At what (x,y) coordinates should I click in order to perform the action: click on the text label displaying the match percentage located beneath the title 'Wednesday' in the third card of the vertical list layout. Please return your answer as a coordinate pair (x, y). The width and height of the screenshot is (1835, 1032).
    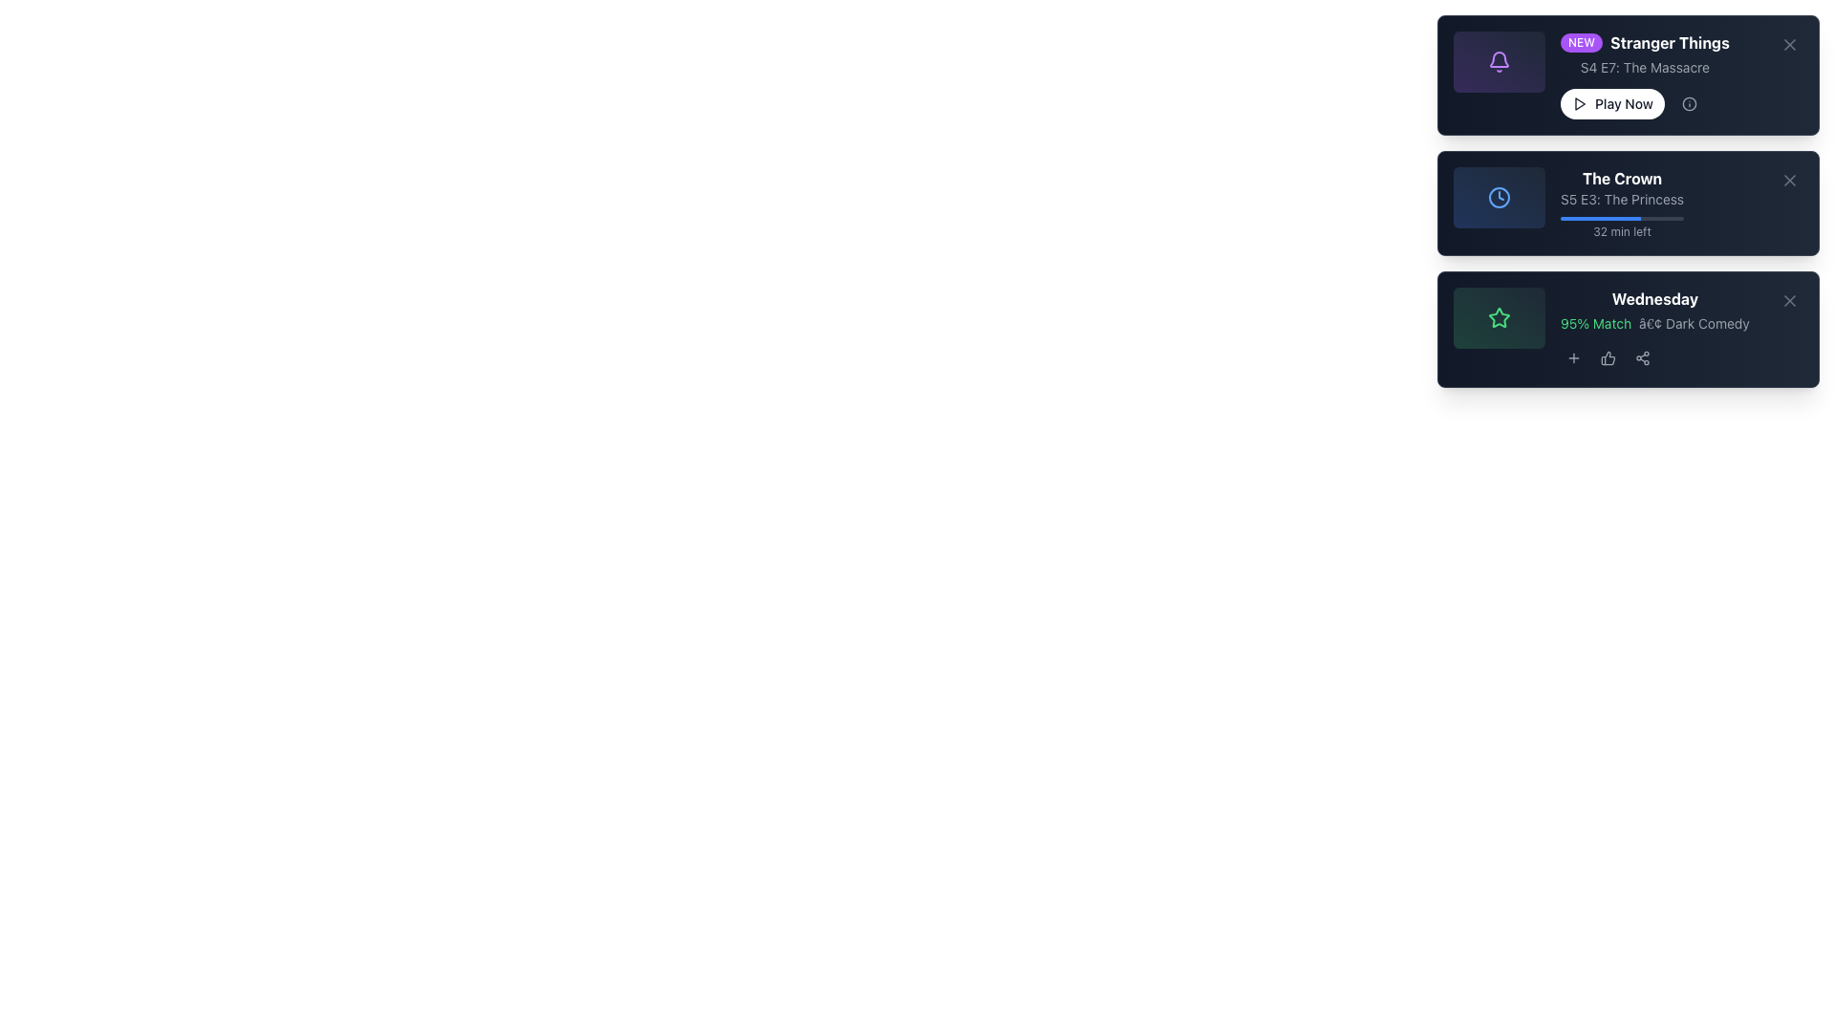
    Looking at the image, I should click on (1628, 328).